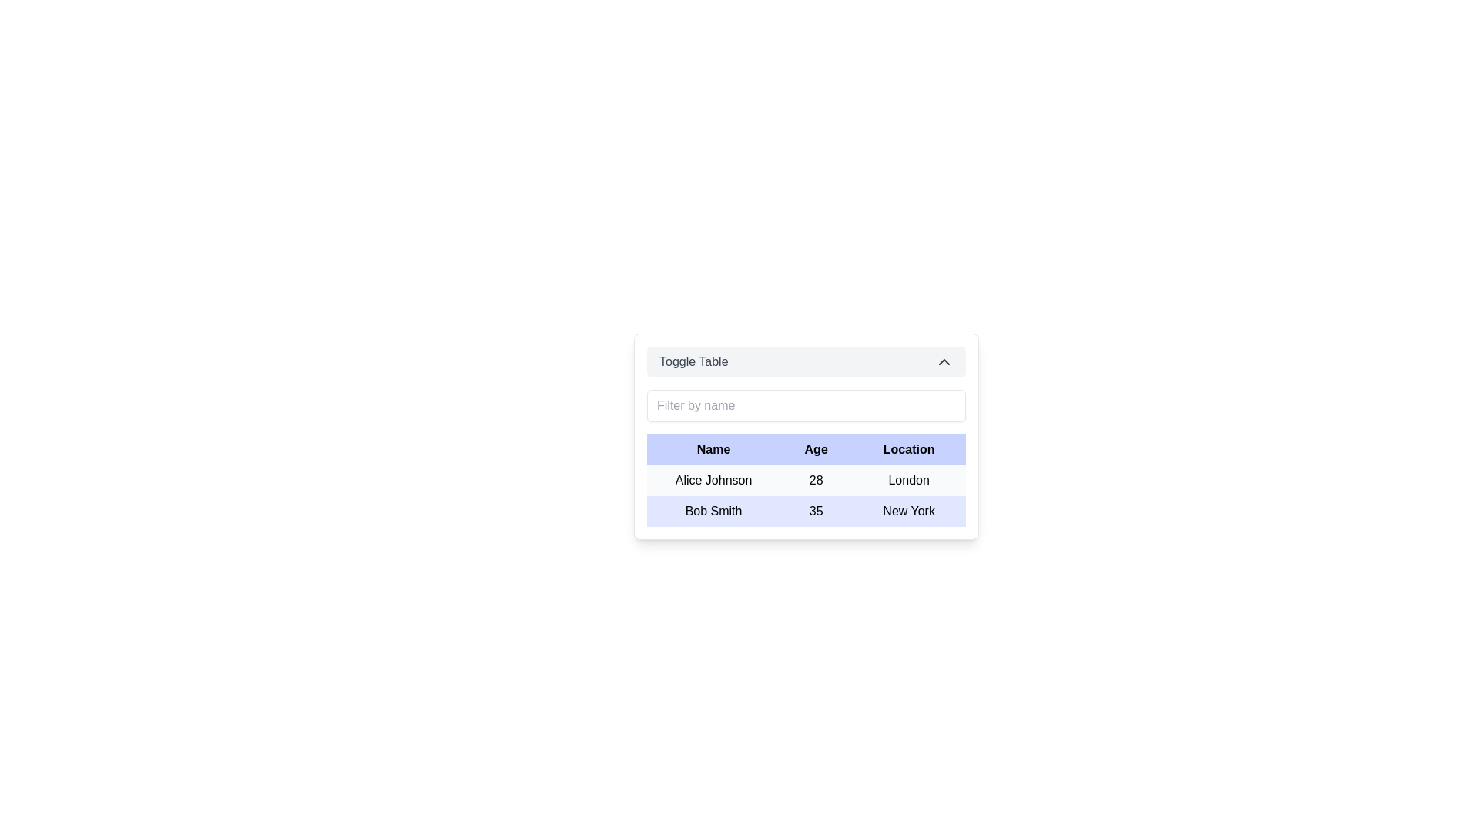 The image size is (1479, 832). What do you see at coordinates (909, 480) in the screenshot?
I see `the static text element indicating the location for user 'Alice Johnson', which is the rightmost element in the row of a table containing name, age, and location data` at bounding box center [909, 480].